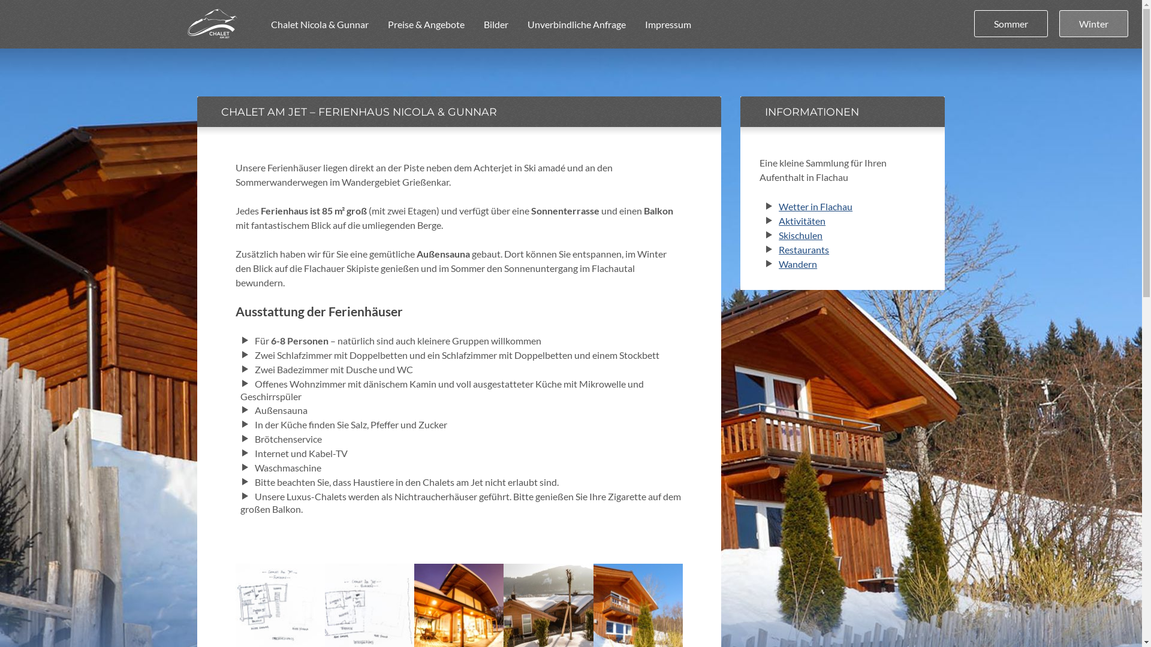 The width and height of the screenshot is (1151, 647). What do you see at coordinates (667, 24) in the screenshot?
I see `'Impressum'` at bounding box center [667, 24].